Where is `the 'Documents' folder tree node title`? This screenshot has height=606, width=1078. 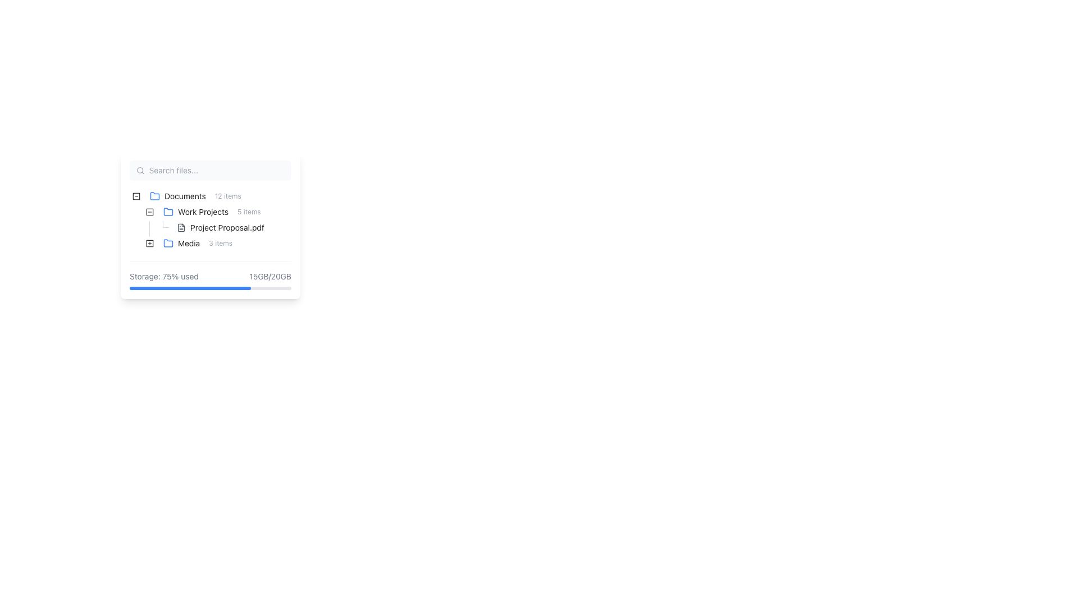 the 'Documents' folder tree node title is located at coordinates (195, 196).